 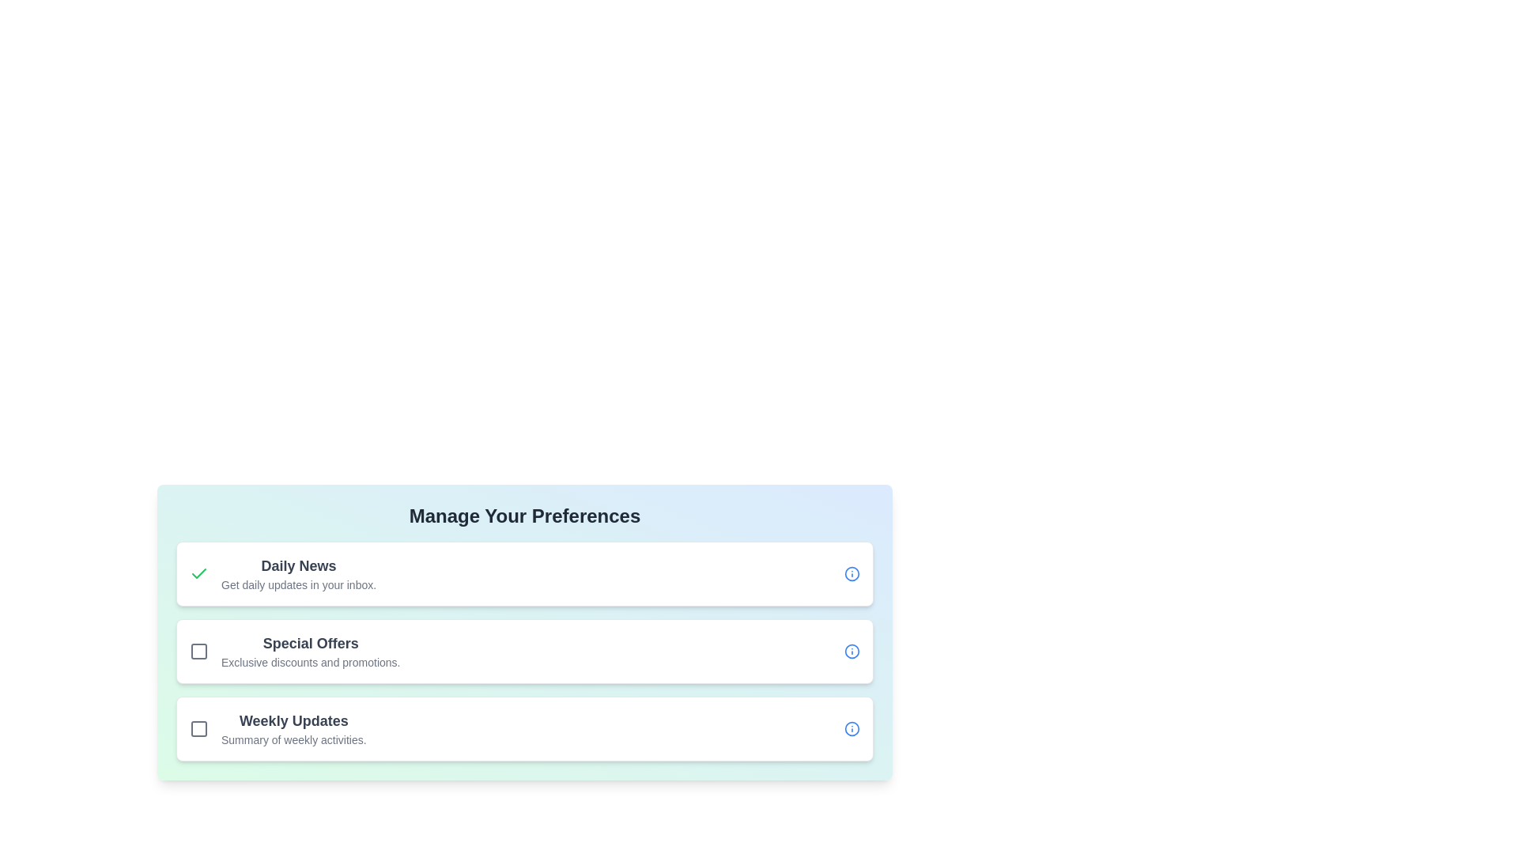 What do you see at coordinates (198, 652) in the screenshot?
I see `the checkbox indicator` at bounding box center [198, 652].